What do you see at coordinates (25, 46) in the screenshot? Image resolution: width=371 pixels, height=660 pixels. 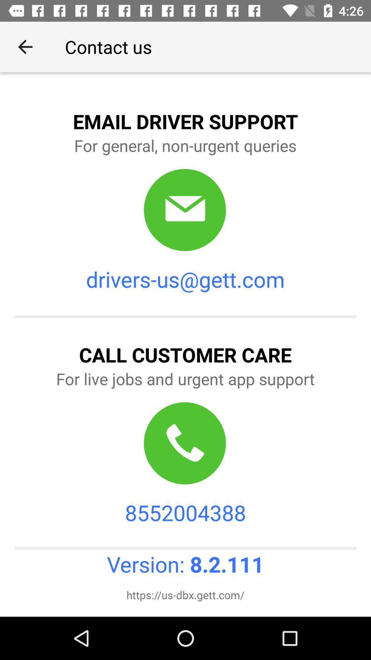 I see `the icon next to the contact us item` at bounding box center [25, 46].